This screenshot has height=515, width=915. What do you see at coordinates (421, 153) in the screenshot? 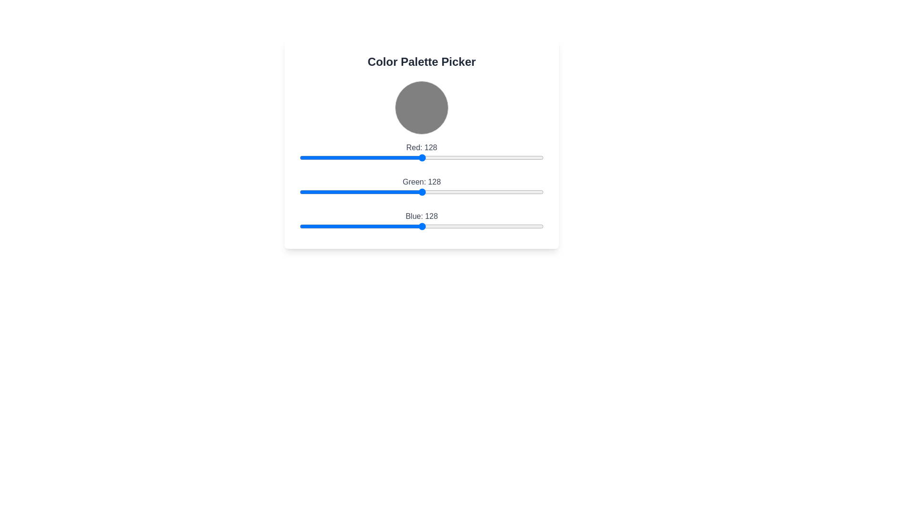
I see `the track of the first range slider labeled 'Red: 128' in the 'Color Palette Picker' to jump the handle to that position` at bounding box center [421, 153].